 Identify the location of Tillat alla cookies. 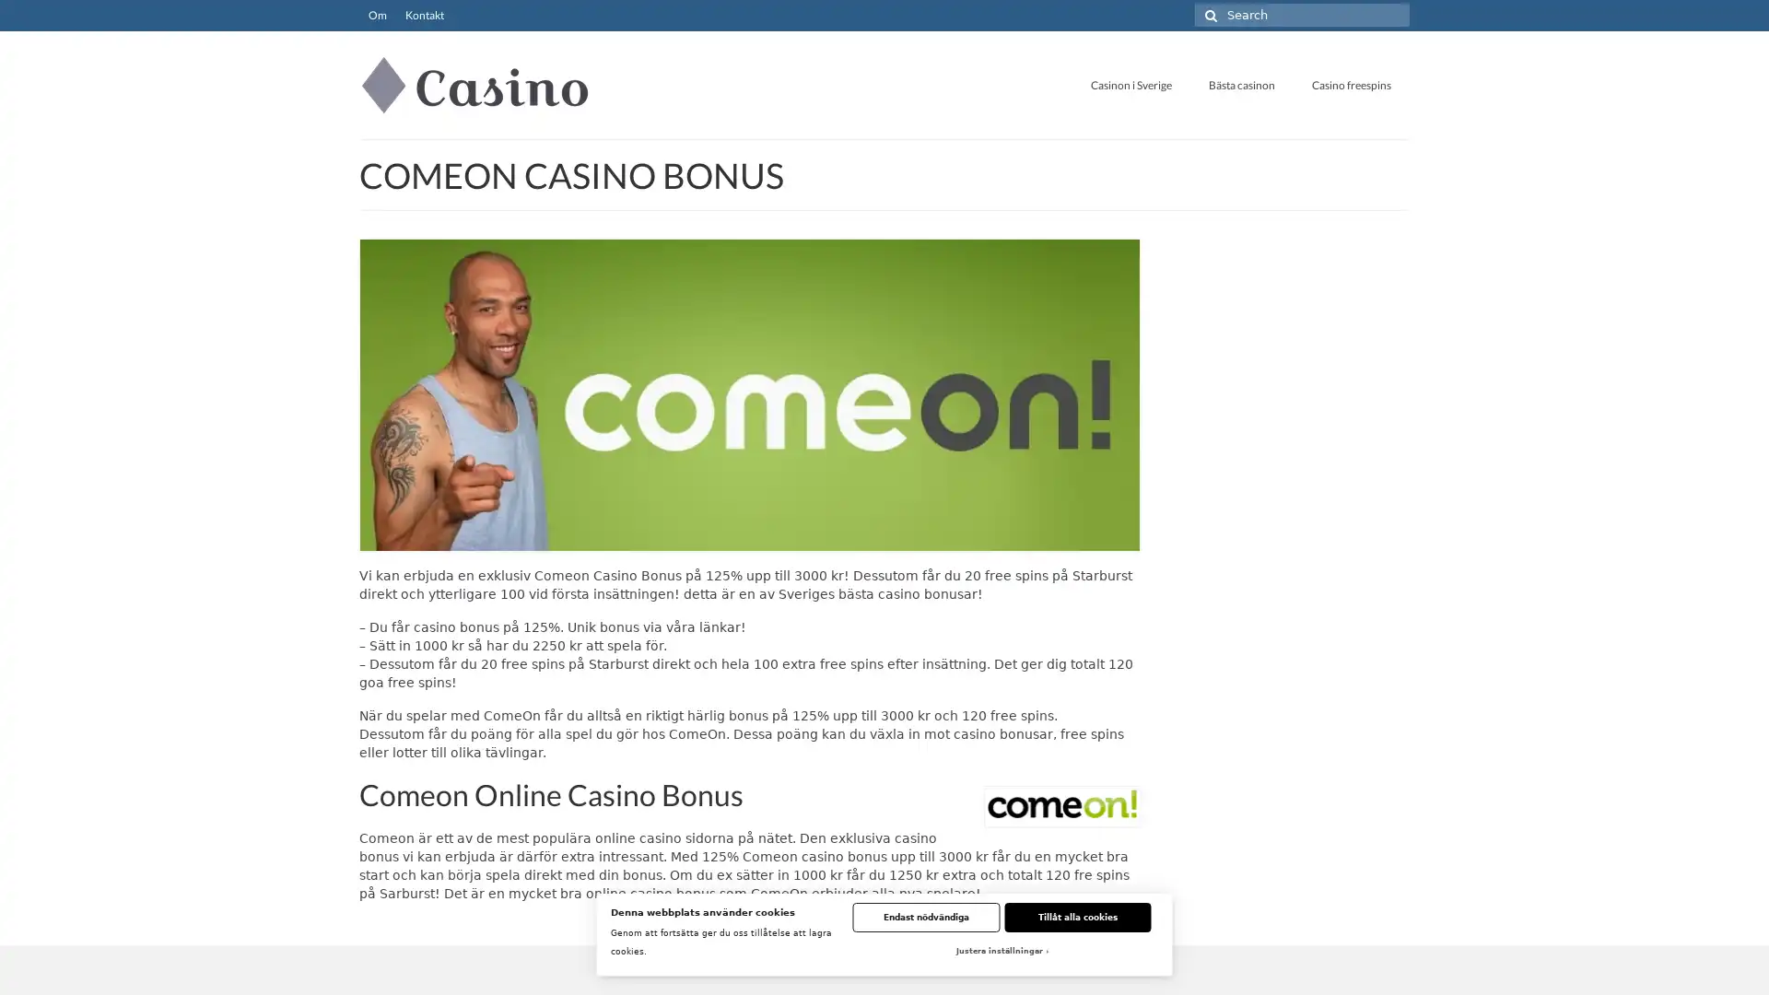
(1077, 917).